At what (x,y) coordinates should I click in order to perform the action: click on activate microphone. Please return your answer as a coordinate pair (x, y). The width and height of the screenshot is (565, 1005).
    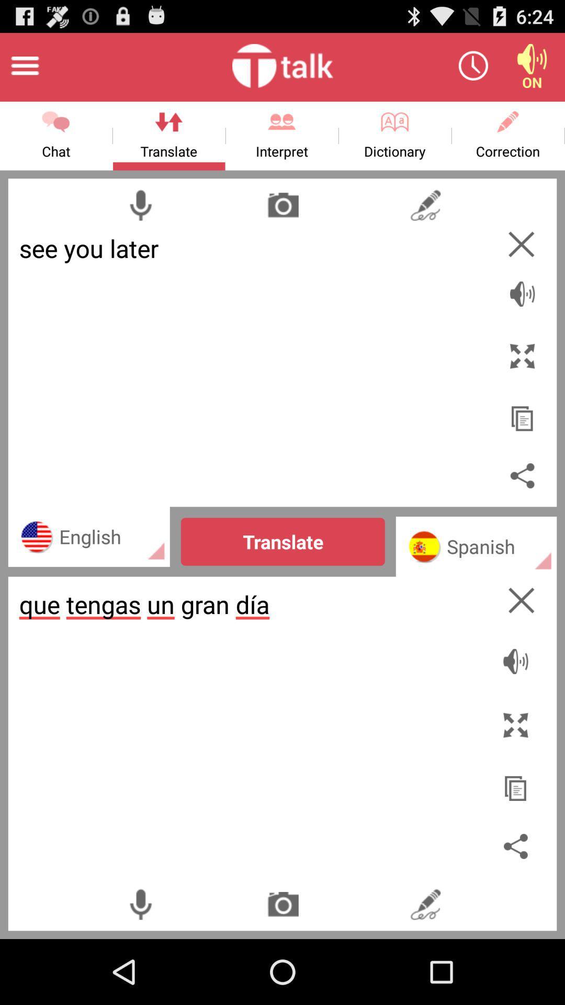
    Looking at the image, I should click on (140, 205).